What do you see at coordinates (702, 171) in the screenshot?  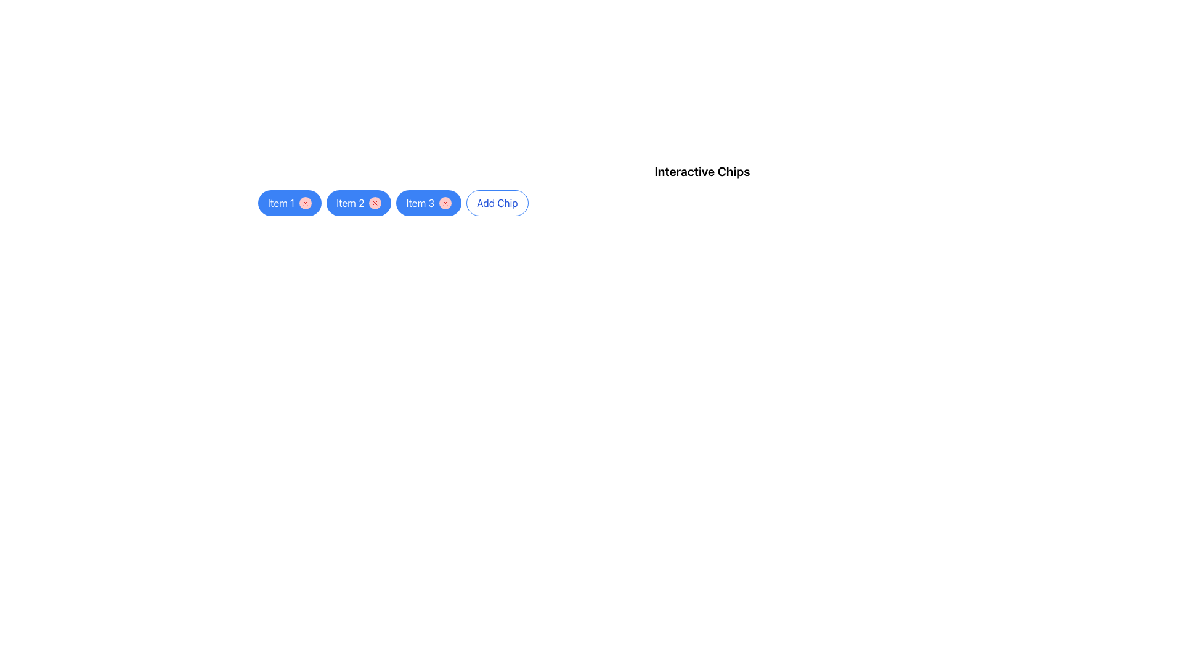 I see `the 'Interactive Chips' text label, which is a bold and enlarged label located at the top of the section containing interactive chips` at bounding box center [702, 171].